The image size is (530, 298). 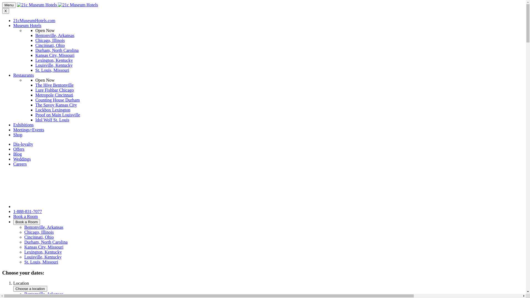 What do you see at coordinates (13, 216) in the screenshot?
I see `'Book a Room'` at bounding box center [13, 216].